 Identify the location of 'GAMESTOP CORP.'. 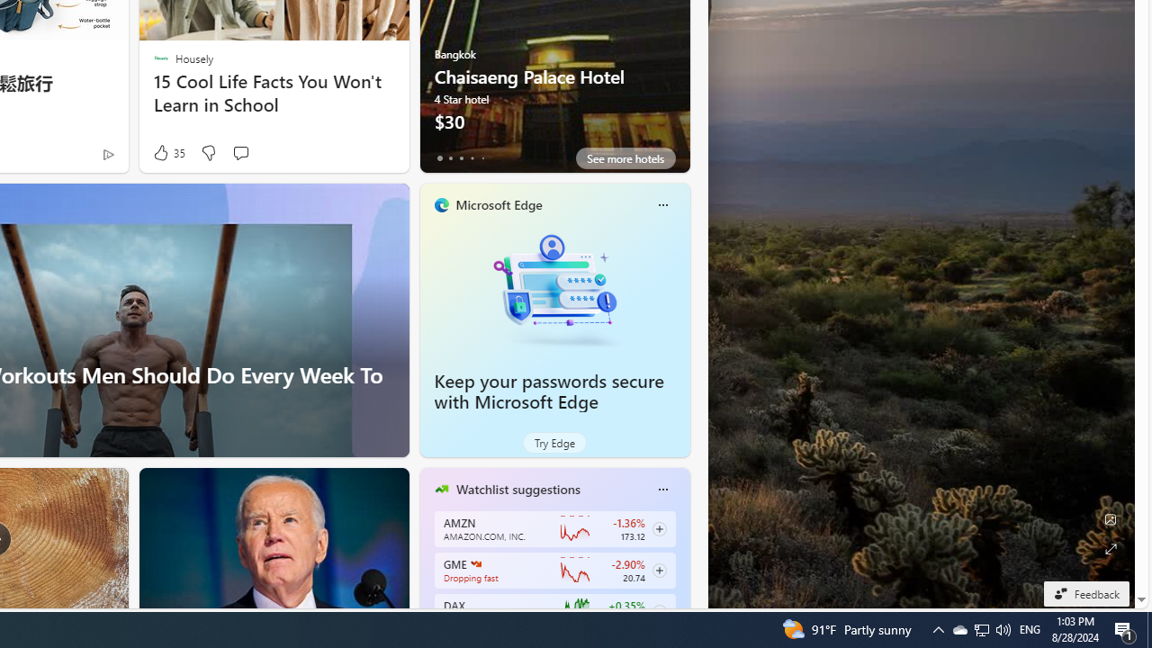
(475, 562).